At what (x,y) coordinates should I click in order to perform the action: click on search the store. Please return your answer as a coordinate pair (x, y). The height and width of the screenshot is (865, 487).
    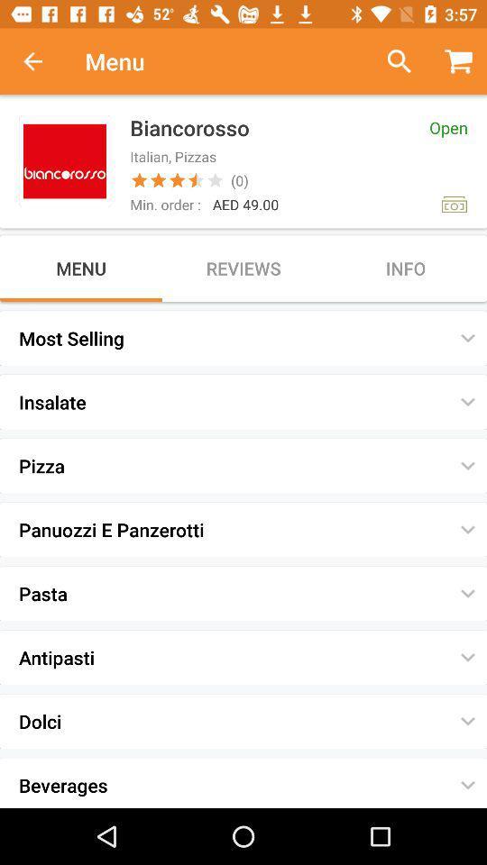
    Looking at the image, I should click on (391, 61).